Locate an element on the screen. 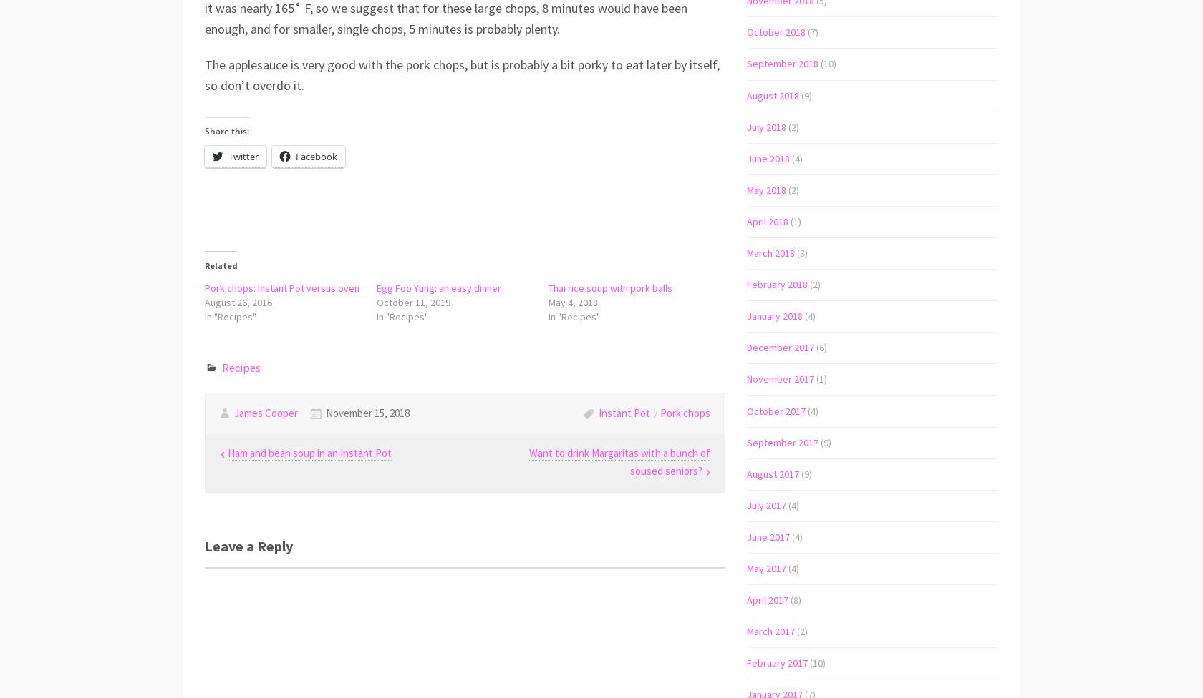  'August 2018' is located at coordinates (773, 94).